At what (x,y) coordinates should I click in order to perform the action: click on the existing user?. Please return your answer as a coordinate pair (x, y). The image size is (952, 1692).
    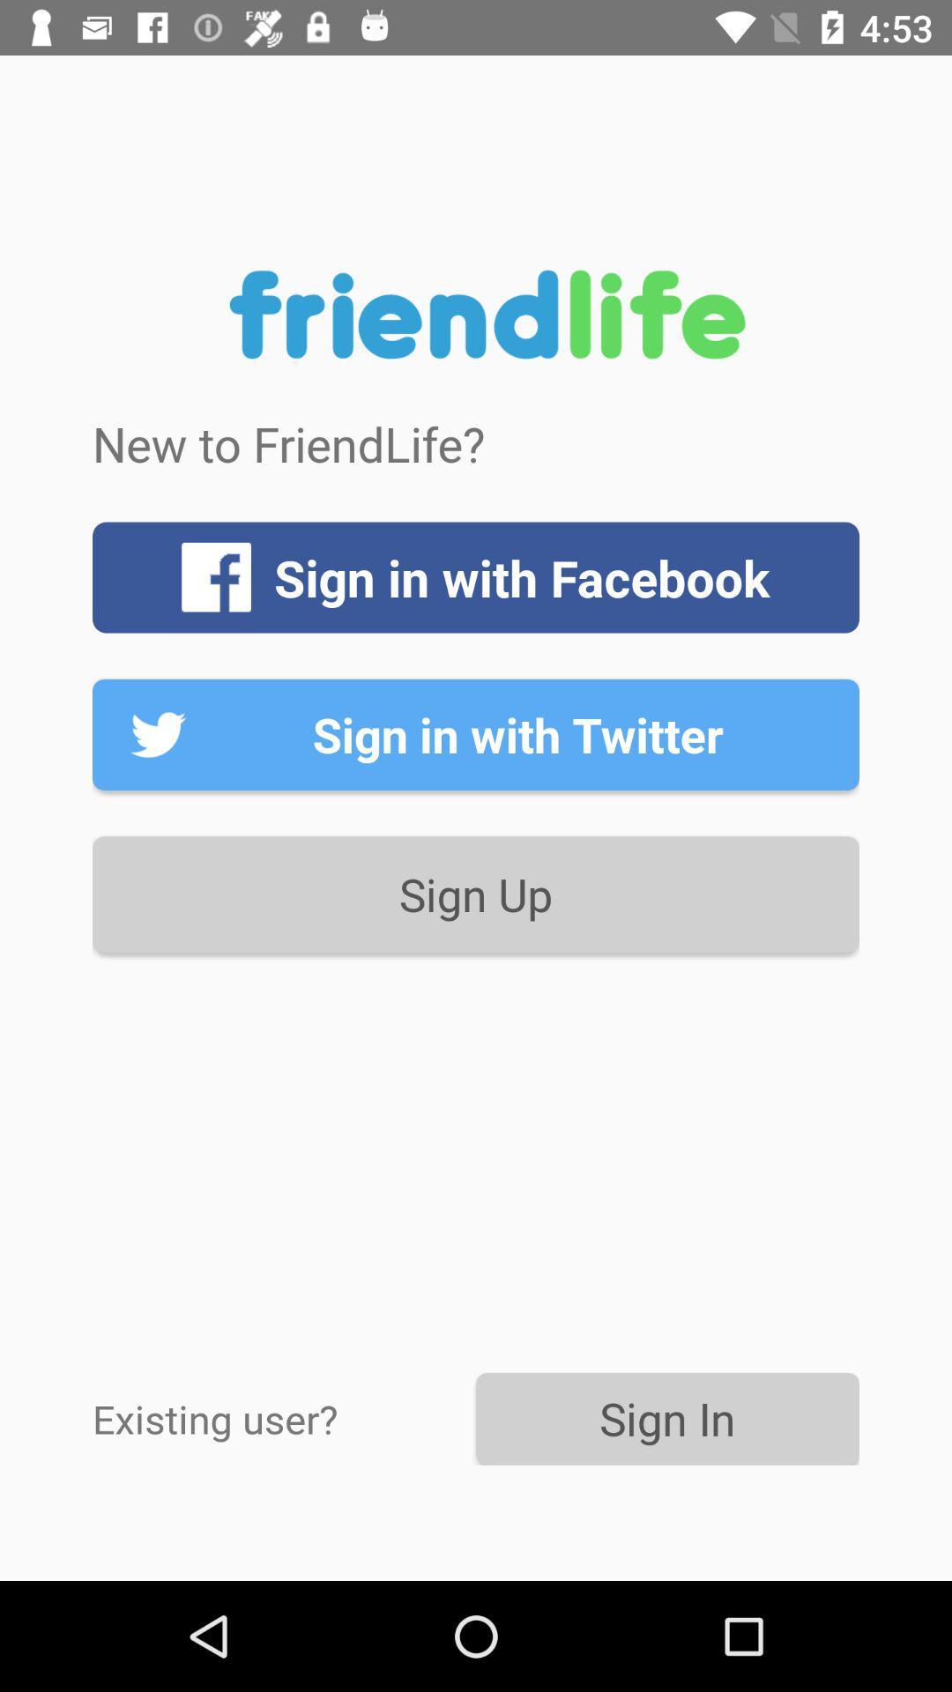
    Looking at the image, I should click on (283, 1418).